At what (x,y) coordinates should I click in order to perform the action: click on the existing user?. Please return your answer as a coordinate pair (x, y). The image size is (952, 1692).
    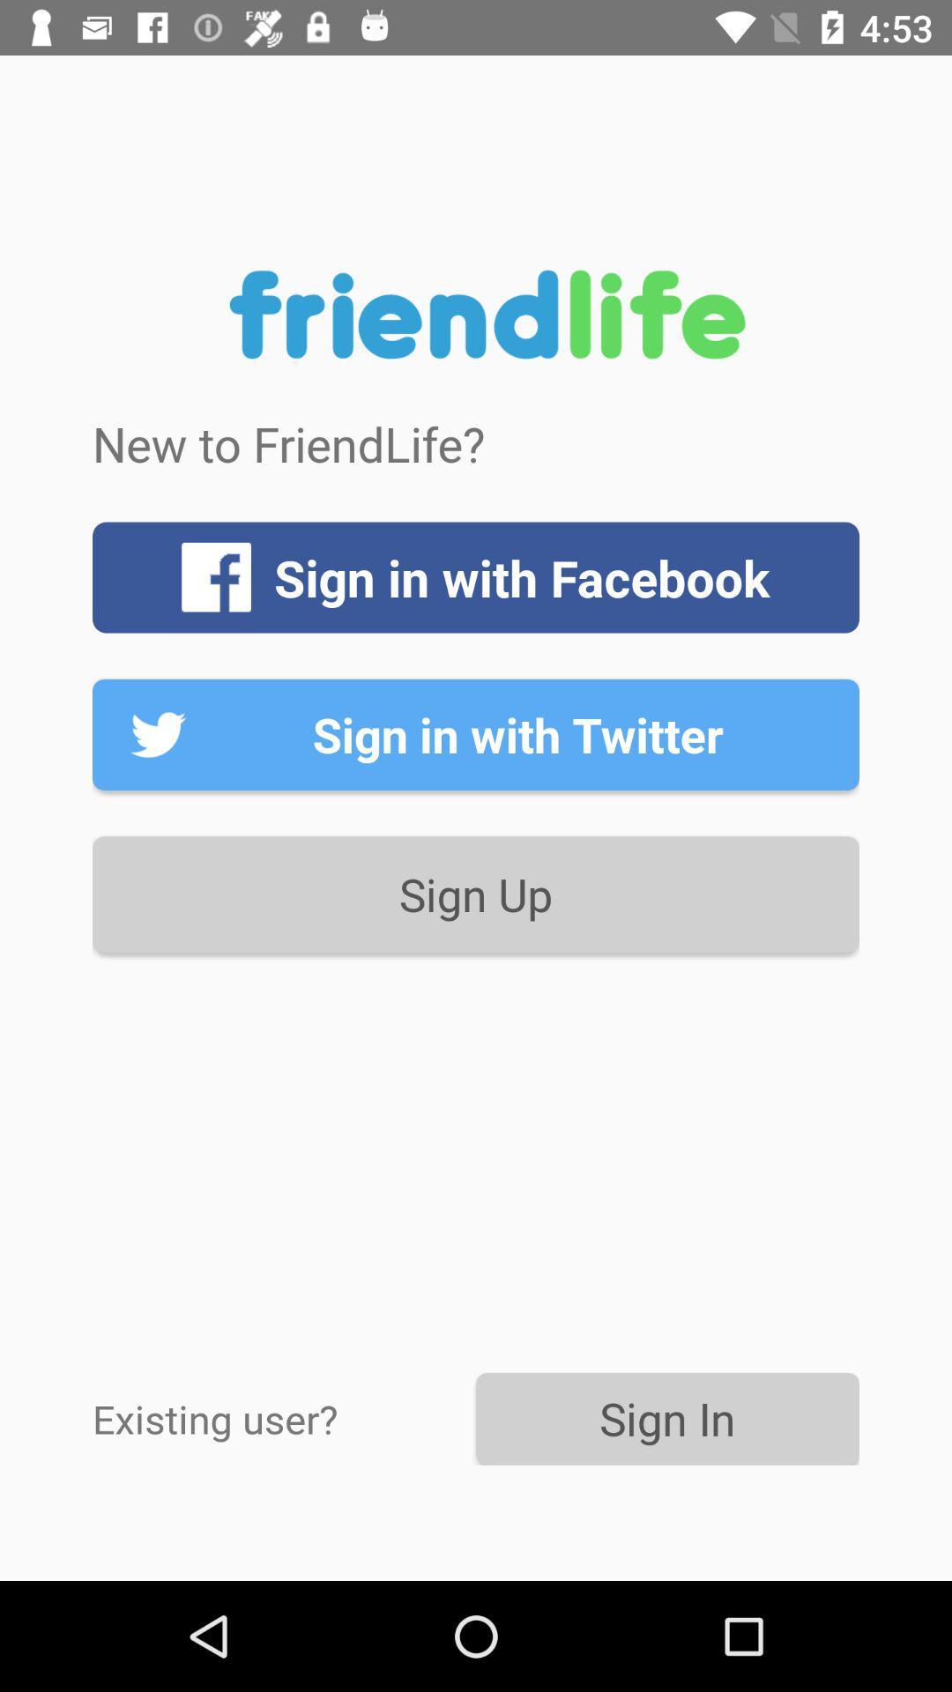
    Looking at the image, I should click on (283, 1418).